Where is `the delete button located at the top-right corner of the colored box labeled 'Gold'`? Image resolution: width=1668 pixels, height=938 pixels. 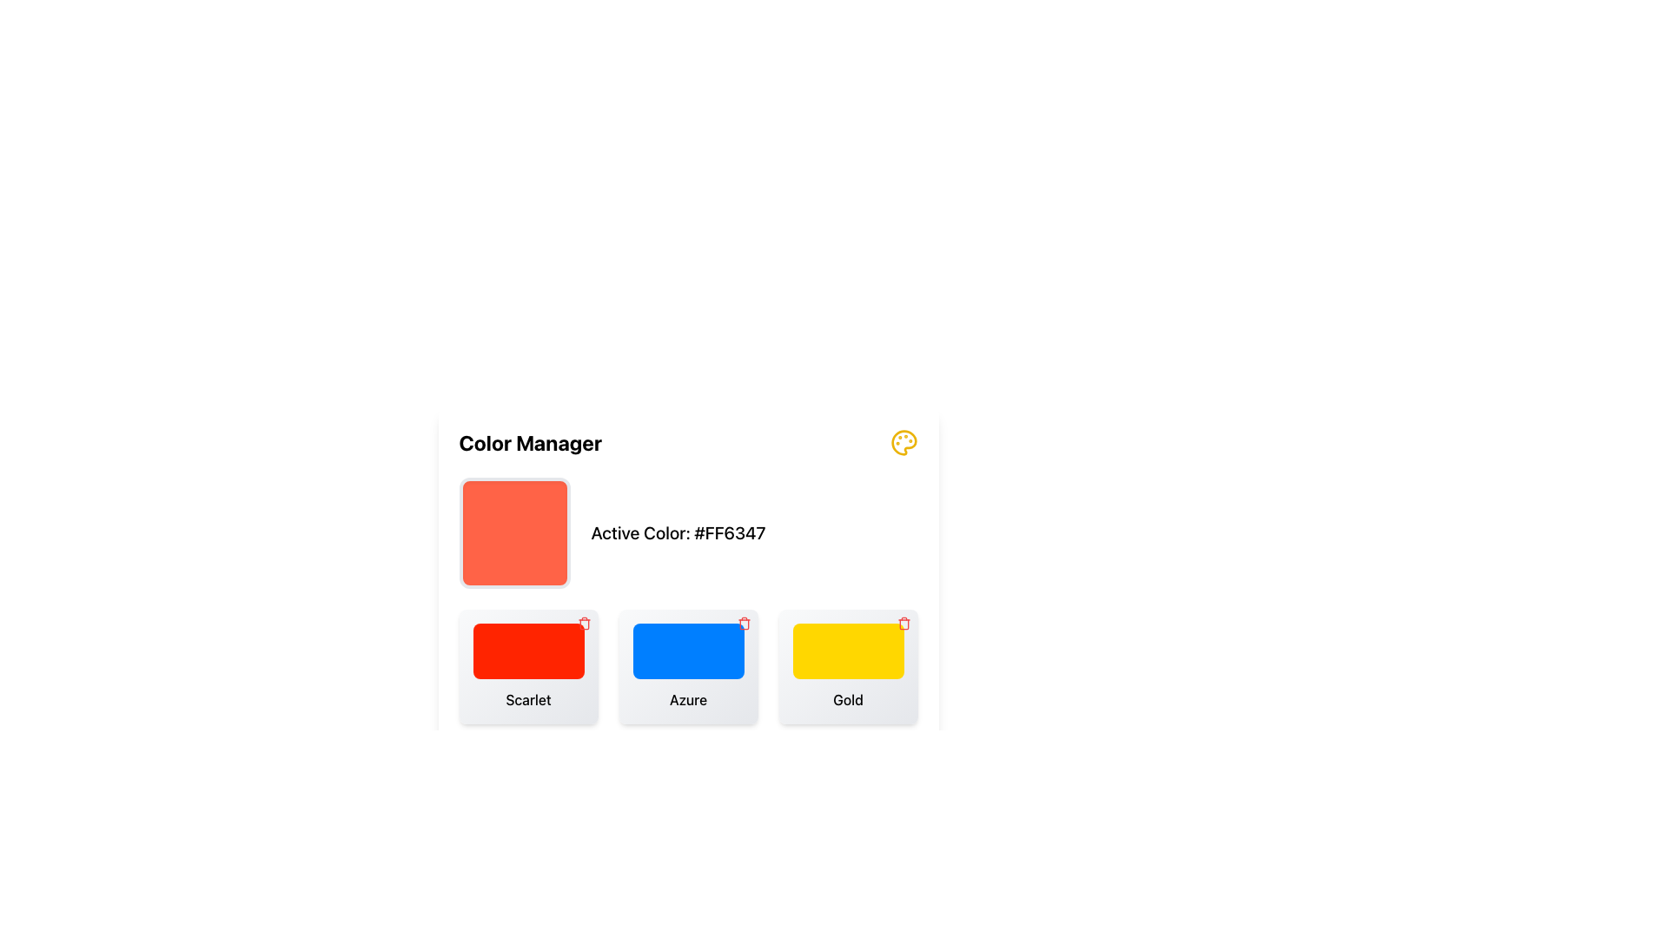
the delete button located at the top-right corner of the colored box labeled 'Gold' is located at coordinates (903, 622).